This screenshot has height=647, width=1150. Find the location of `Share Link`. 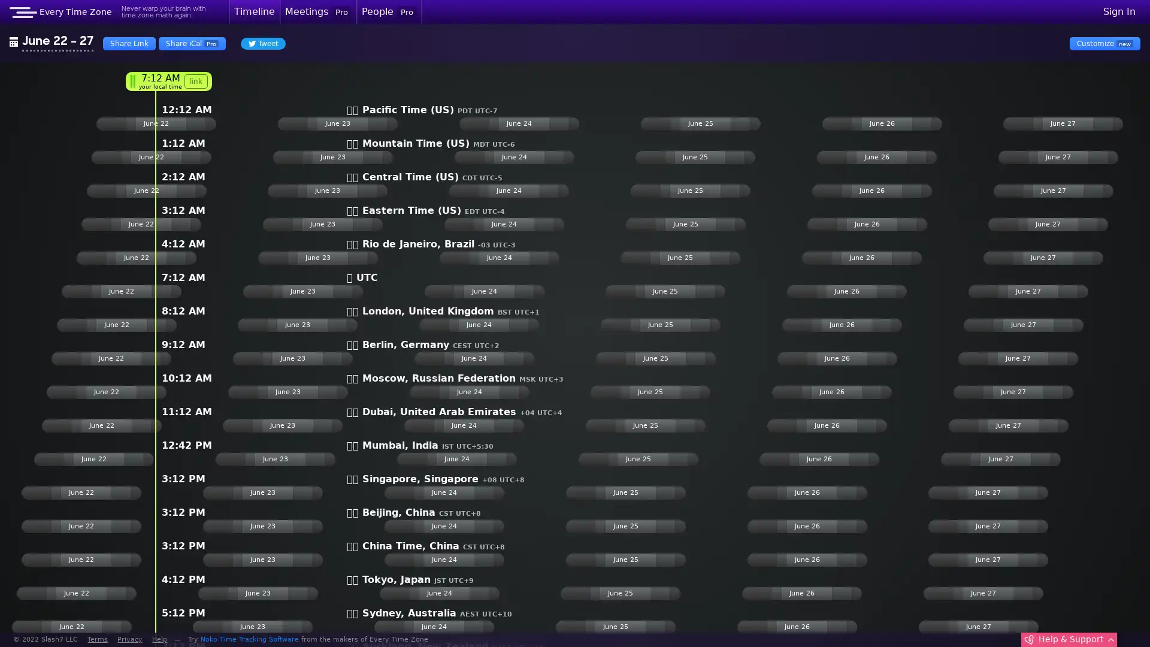

Share Link is located at coordinates (129, 43).